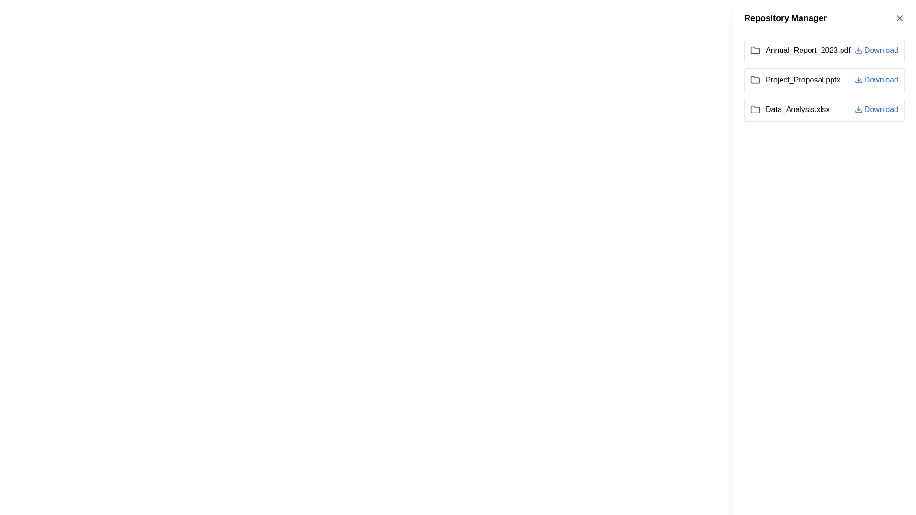  Describe the element at coordinates (755, 79) in the screenshot. I see `the folder icon representing the editable presentation file 'Project_Proposal.pptx' located in the 'Repository Manager' sidebar` at that location.